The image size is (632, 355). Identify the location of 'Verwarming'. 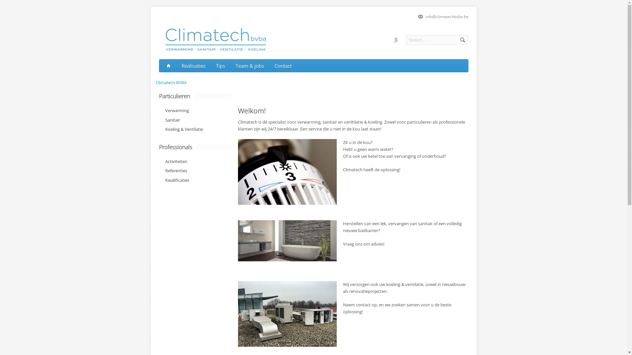
(175, 110).